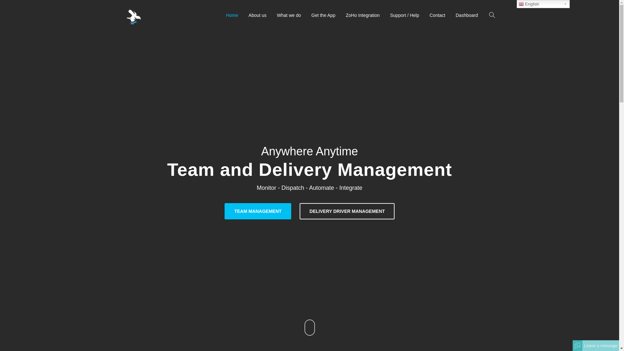 This screenshot has width=624, height=351. What do you see at coordinates (288, 15) in the screenshot?
I see `'What we do'` at bounding box center [288, 15].